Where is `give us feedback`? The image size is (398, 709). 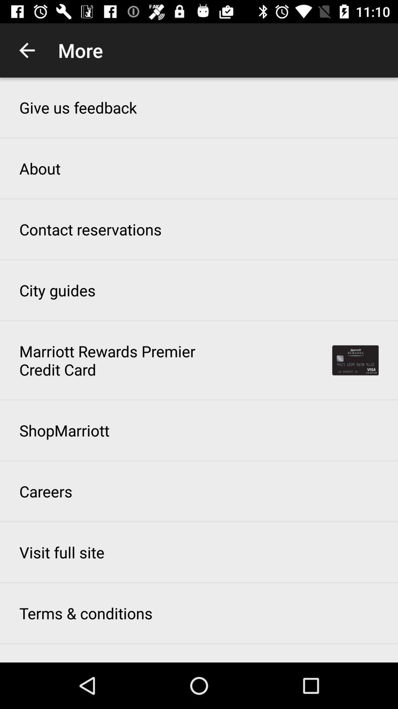 give us feedback is located at coordinates (78, 107).